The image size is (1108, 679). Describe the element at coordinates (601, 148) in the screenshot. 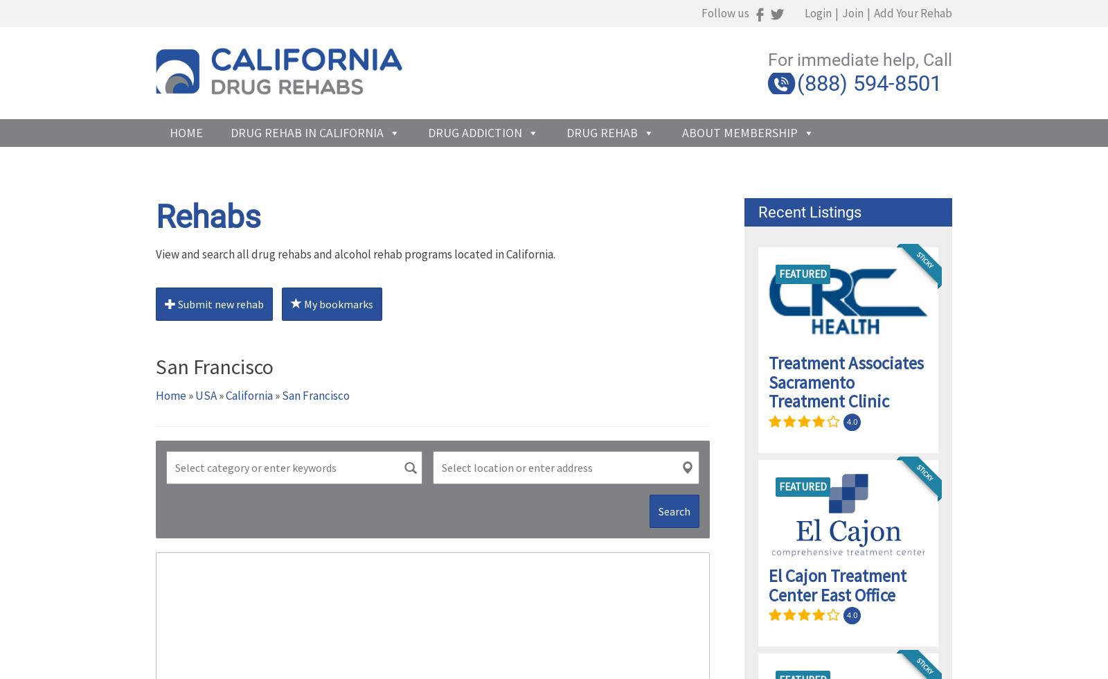

I see `'Drug Rehab'` at that location.